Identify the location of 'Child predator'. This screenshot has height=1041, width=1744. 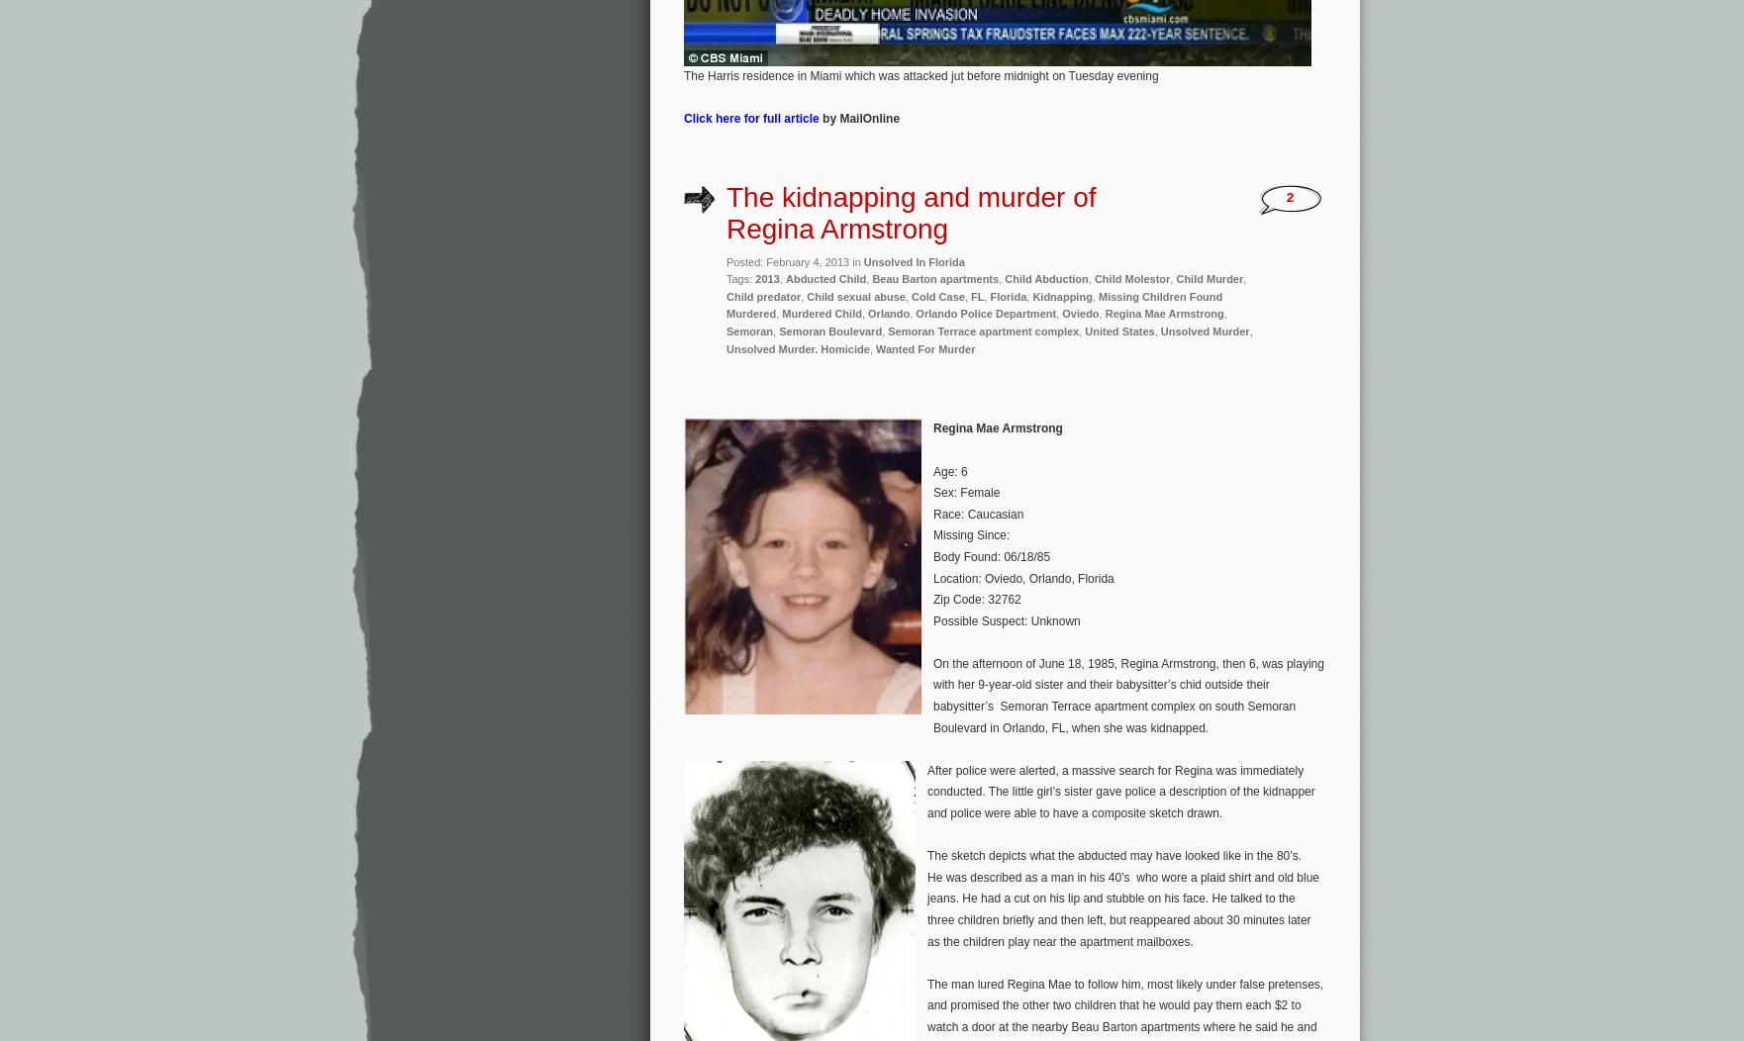
(762, 295).